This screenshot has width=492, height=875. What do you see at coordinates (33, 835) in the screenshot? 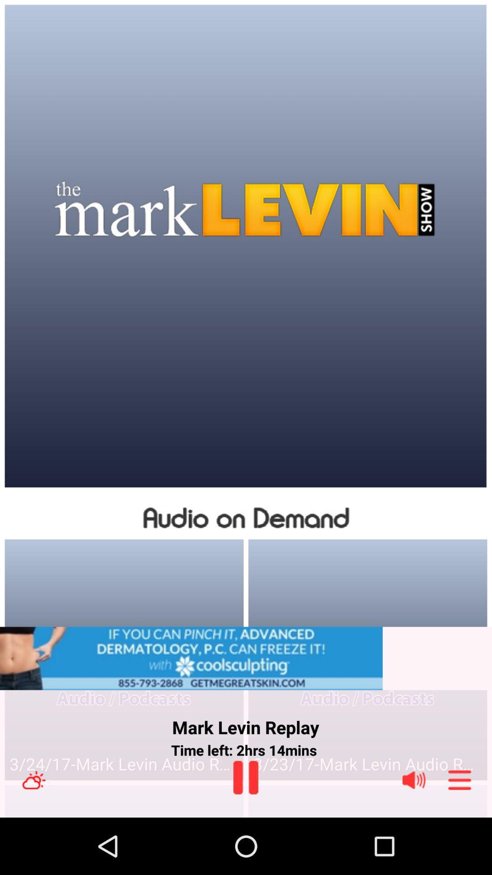
I see `the weather icon` at bounding box center [33, 835].